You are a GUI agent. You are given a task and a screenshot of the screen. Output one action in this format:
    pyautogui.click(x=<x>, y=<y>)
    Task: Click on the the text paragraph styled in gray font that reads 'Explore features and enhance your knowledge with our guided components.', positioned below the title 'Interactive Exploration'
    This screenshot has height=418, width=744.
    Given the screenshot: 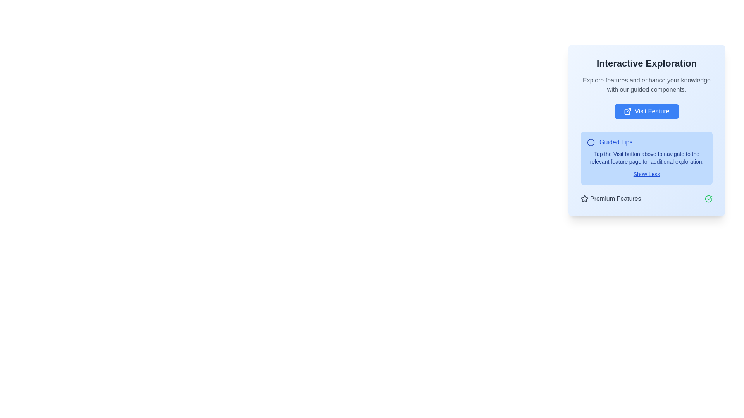 What is the action you would take?
    pyautogui.click(x=647, y=85)
    